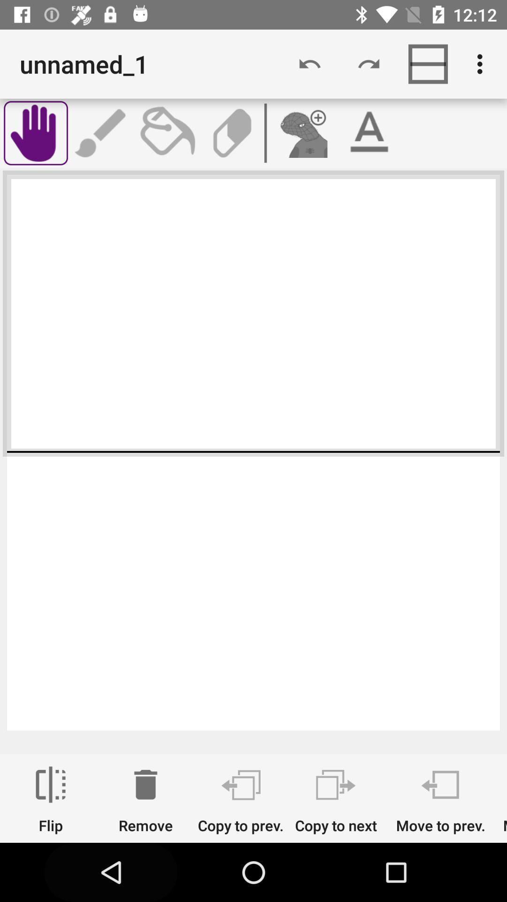  Describe the element at coordinates (369, 132) in the screenshot. I see `highlight` at that location.